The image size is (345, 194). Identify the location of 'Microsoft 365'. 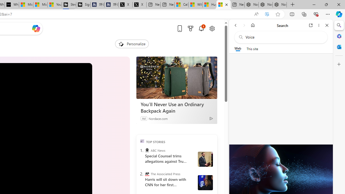
(339, 36).